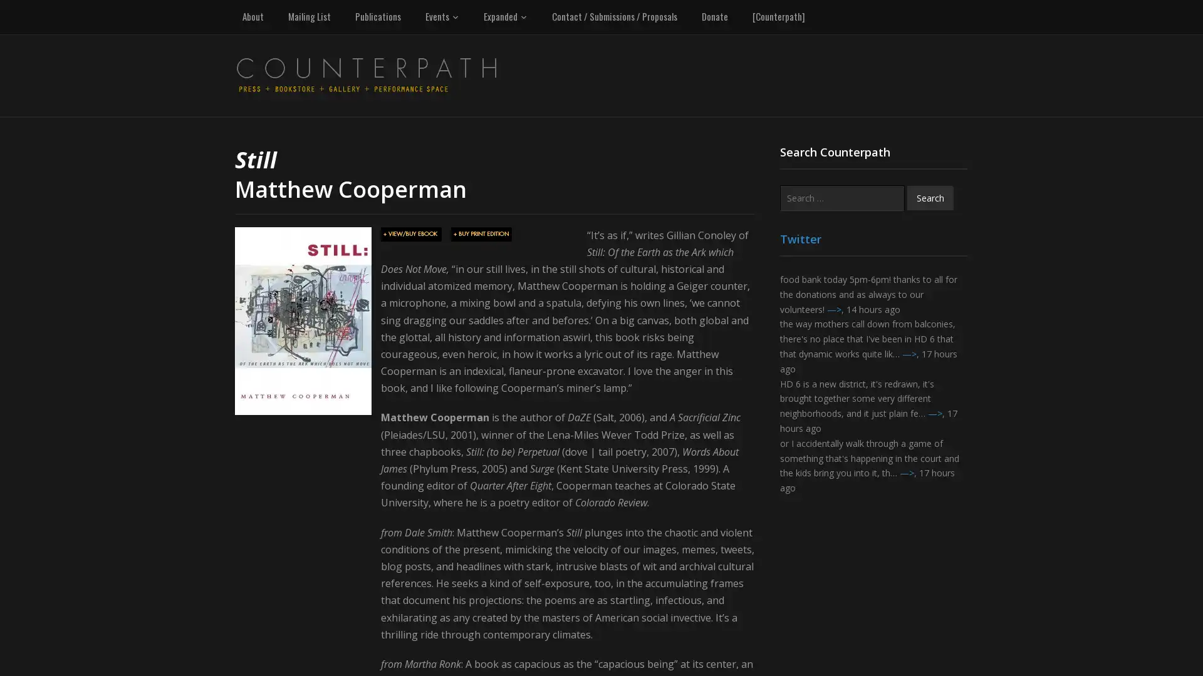 This screenshot has height=676, width=1203. What do you see at coordinates (930, 197) in the screenshot?
I see `Search` at bounding box center [930, 197].